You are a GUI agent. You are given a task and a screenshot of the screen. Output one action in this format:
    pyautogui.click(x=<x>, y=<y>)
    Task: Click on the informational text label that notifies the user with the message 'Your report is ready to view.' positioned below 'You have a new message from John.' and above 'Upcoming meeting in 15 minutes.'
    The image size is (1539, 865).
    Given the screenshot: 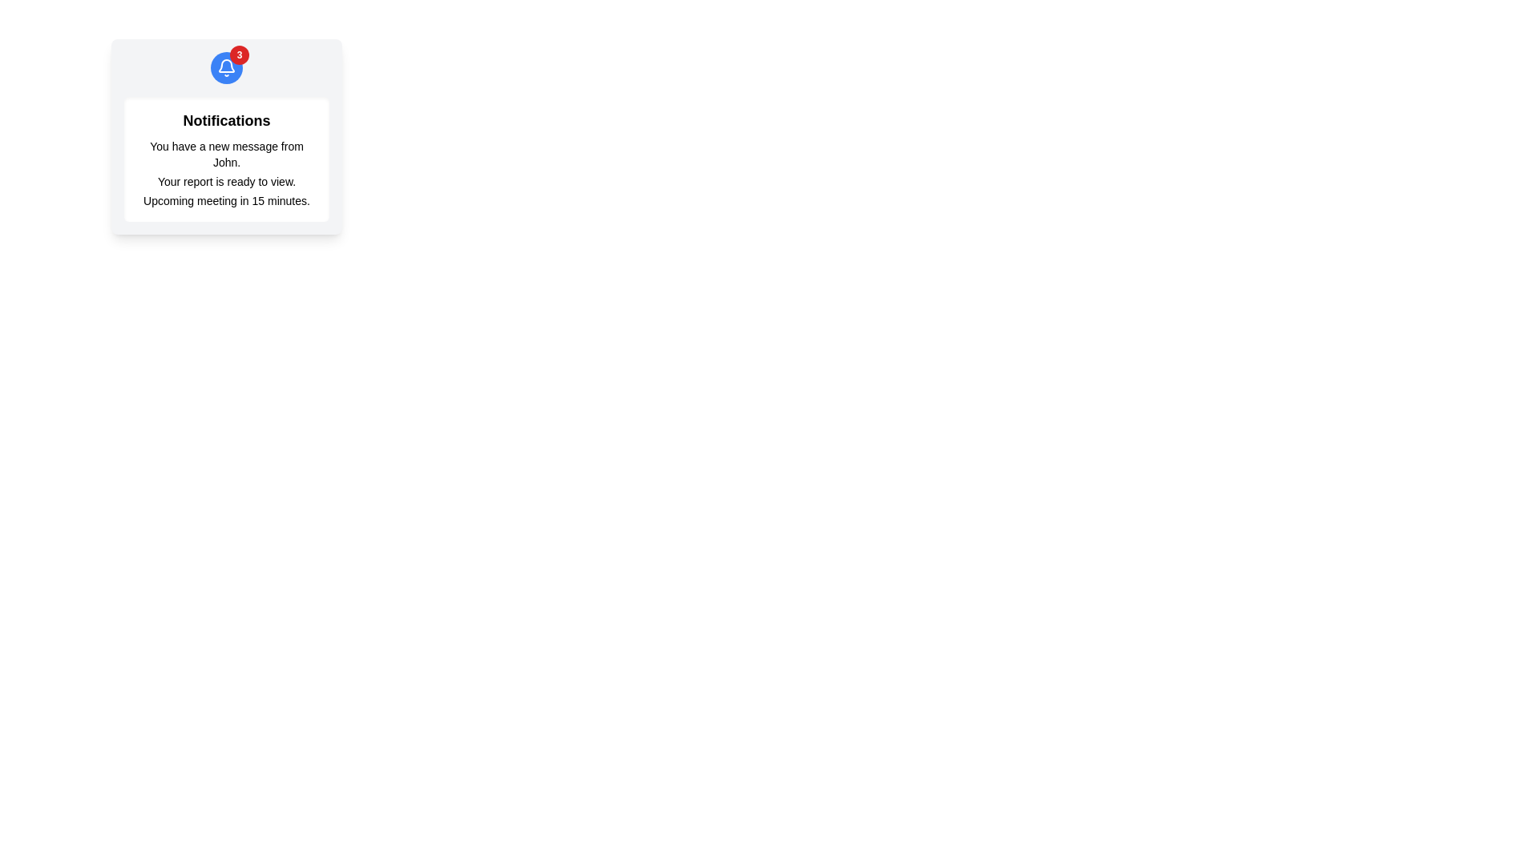 What is the action you would take?
    pyautogui.click(x=226, y=181)
    